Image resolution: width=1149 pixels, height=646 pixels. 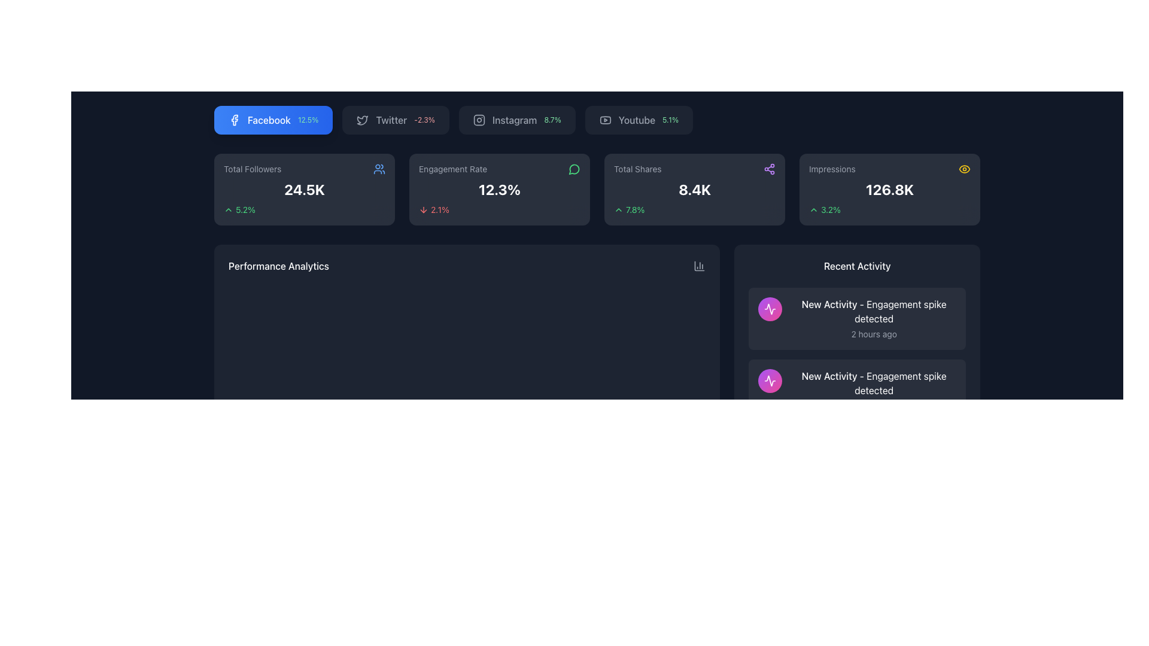 I want to click on the YouTube analytics button, which is the fourth button in a horizontal layout and located to the right of the Instagram button, so click(x=638, y=120).